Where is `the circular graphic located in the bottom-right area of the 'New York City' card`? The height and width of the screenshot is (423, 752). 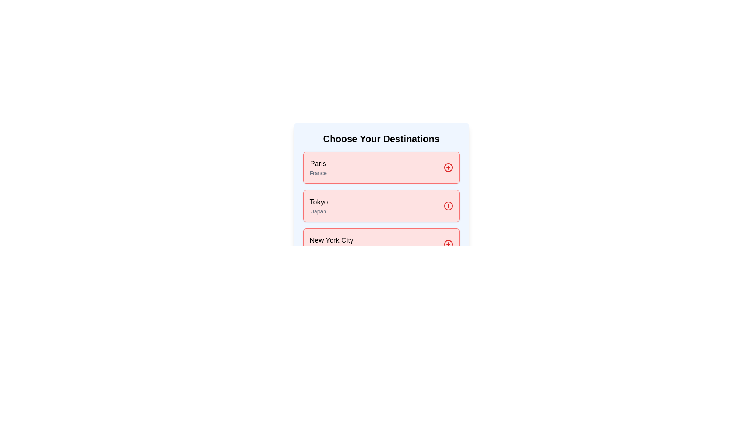
the circular graphic located in the bottom-right area of the 'New York City' card is located at coordinates (448, 244).